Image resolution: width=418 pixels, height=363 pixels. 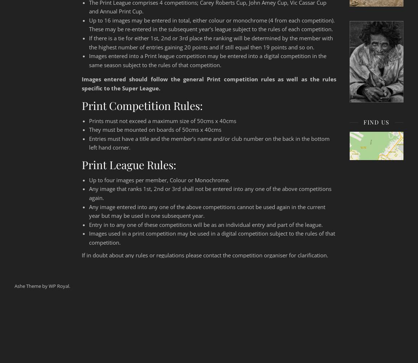 What do you see at coordinates (129, 164) in the screenshot?
I see `'Print League Rules:'` at bounding box center [129, 164].